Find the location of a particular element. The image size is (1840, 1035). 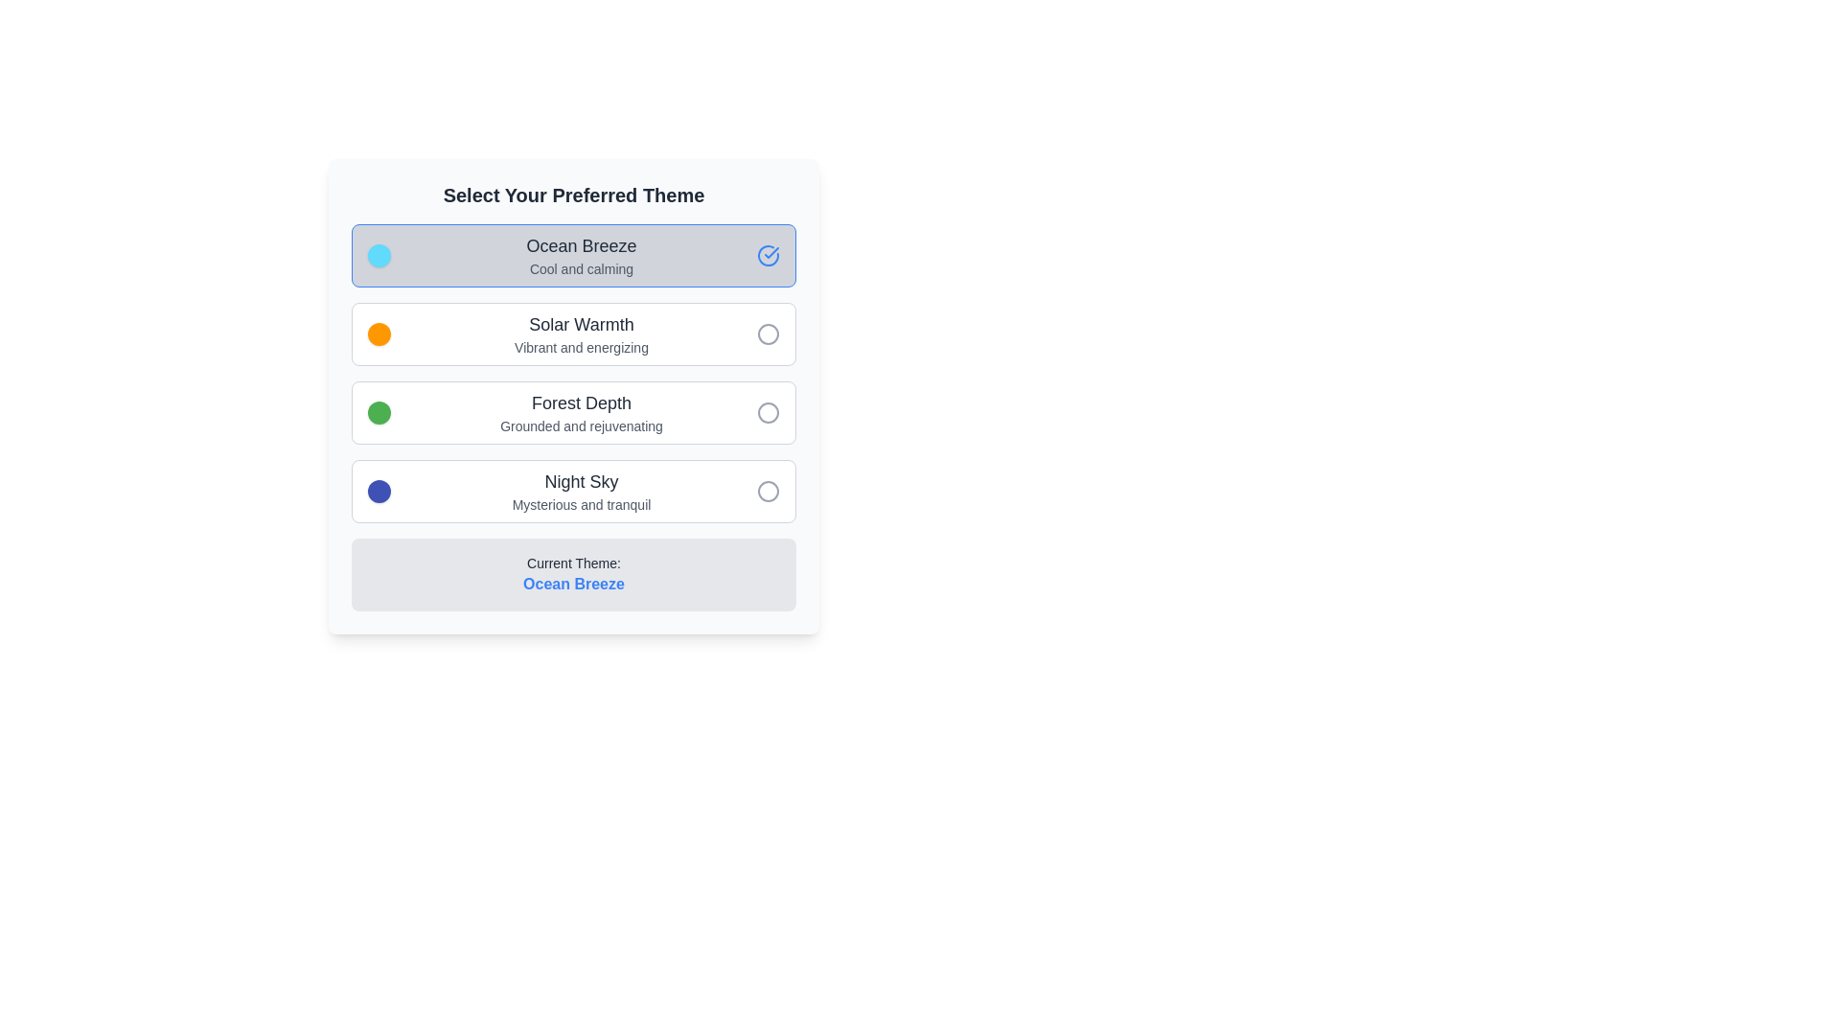

the informational box that displays the currently selected theme, located at the bottom of the card-like structure titled 'Select Your Preferred Theme' is located at coordinates (573, 574).